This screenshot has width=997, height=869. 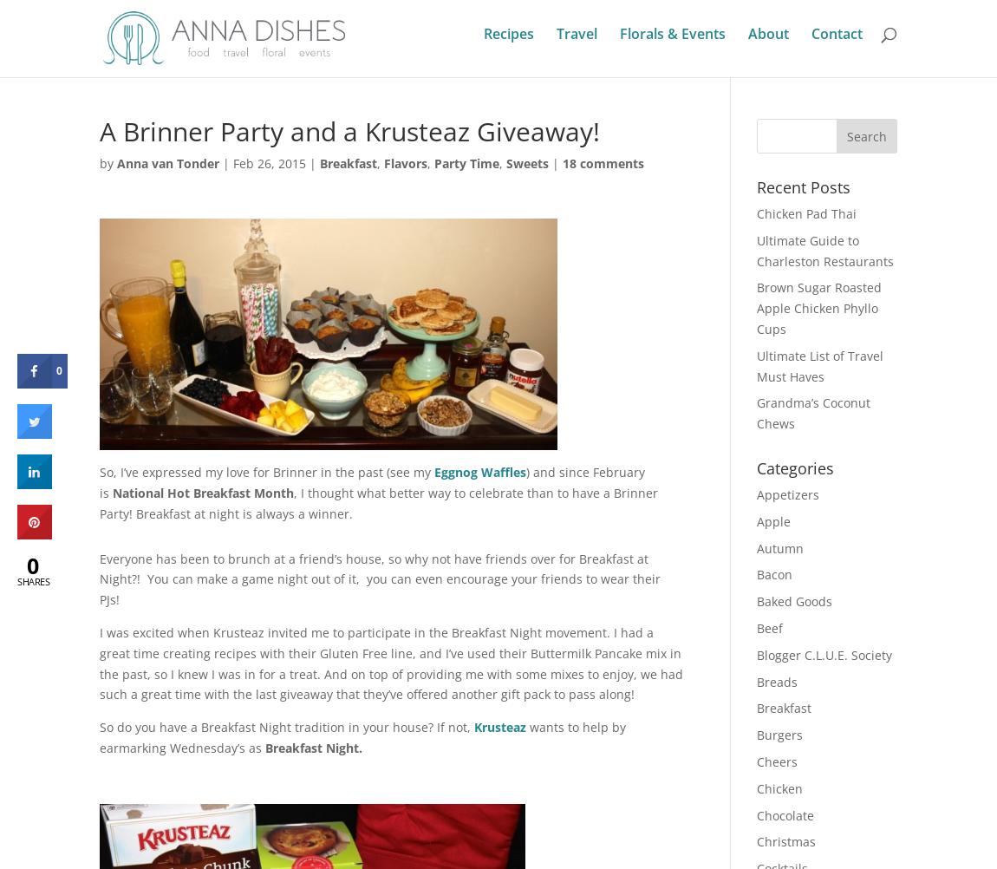 I want to click on 'Ultimate List of Travel Must Haves', so click(x=818, y=364).